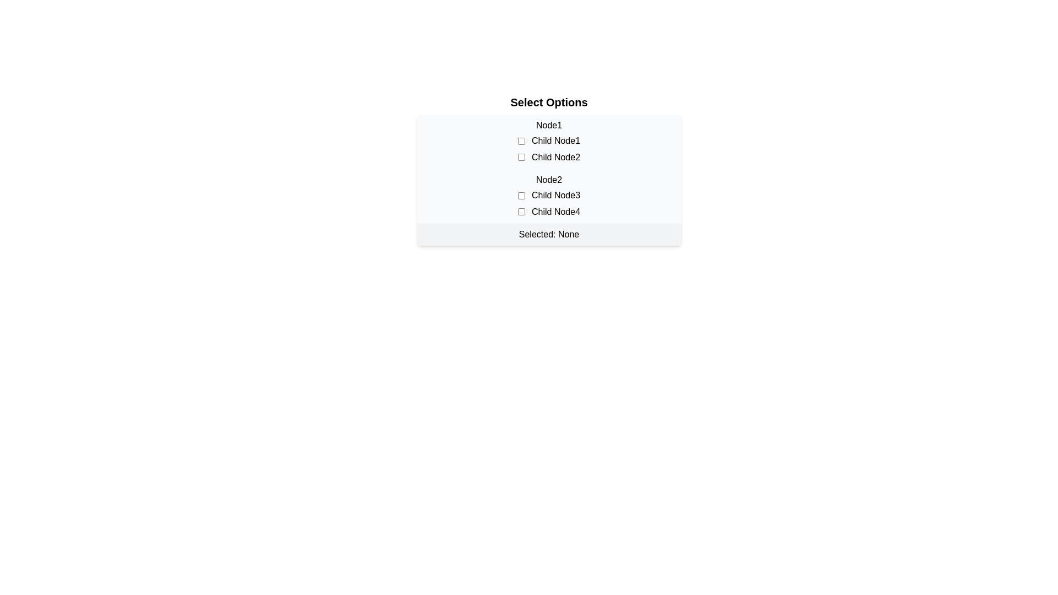 The width and height of the screenshot is (1058, 595). I want to click on the interactive hierarchical selection interface containing the title 'Select Options' and checkboxes to gain focus, so click(549, 170).